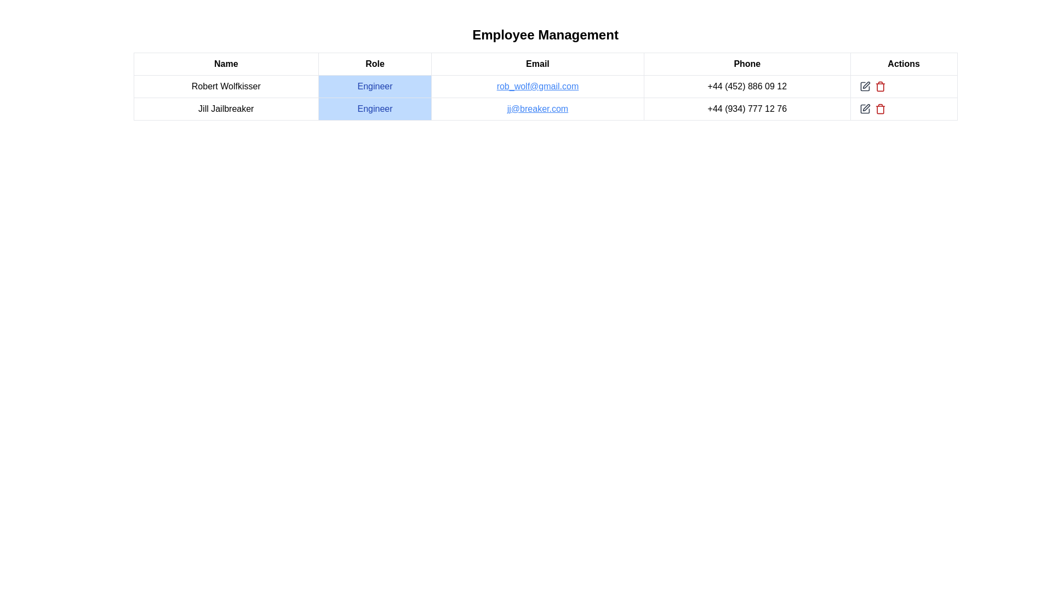  Describe the element at coordinates (904, 64) in the screenshot. I see `the Table Header Cell containing the bold text 'Actions', which is the fifth column header in the table` at that location.